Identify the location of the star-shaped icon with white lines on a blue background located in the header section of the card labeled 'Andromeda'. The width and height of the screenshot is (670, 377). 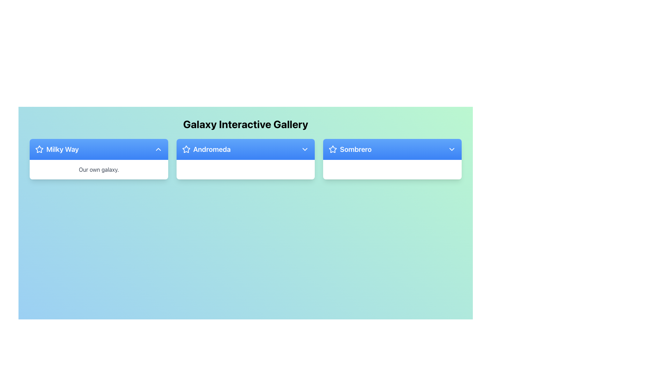
(186, 149).